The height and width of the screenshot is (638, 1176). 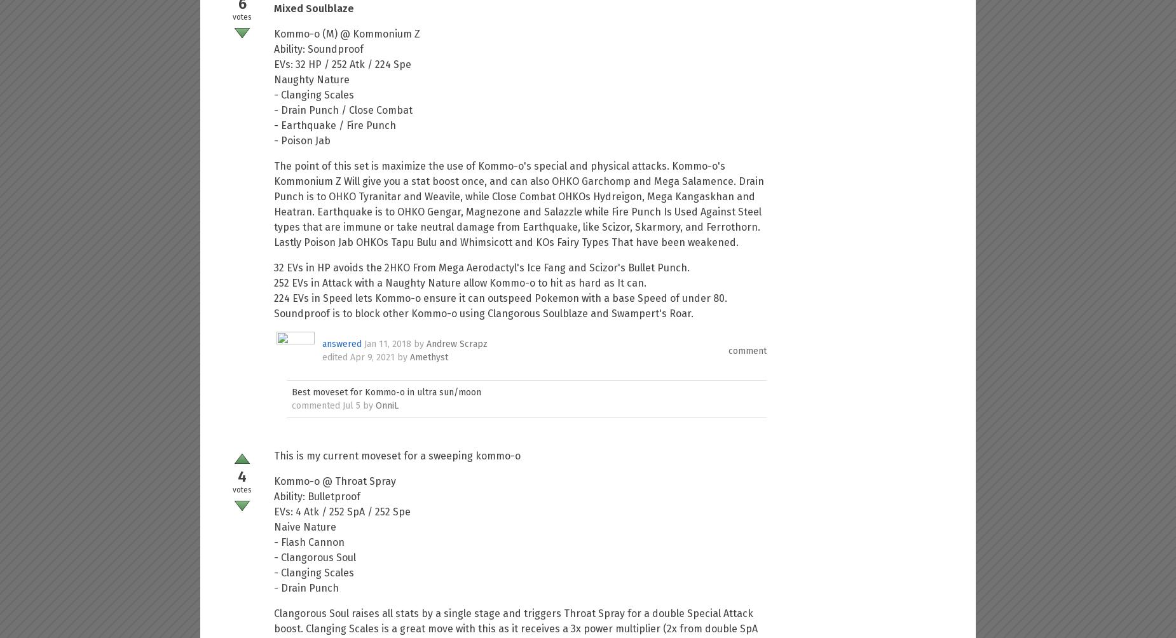 I want to click on 'answered', so click(x=341, y=344).